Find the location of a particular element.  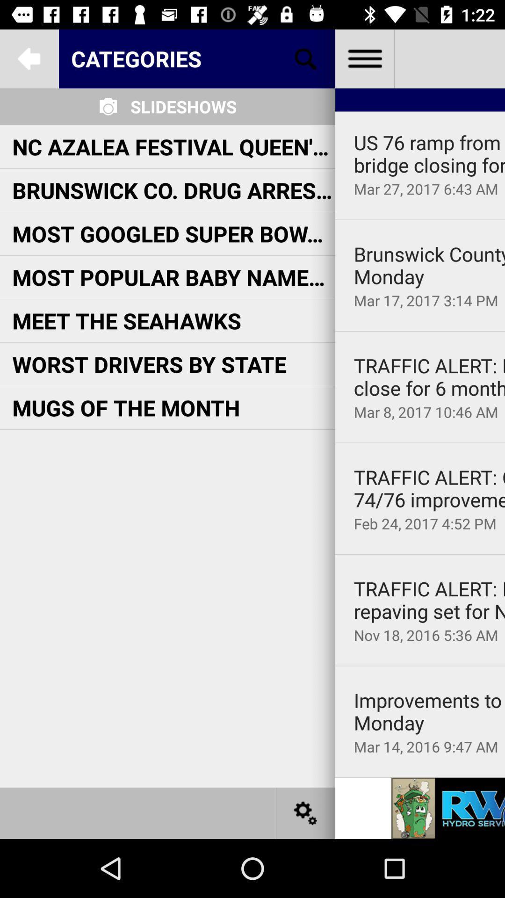

the settings icon is located at coordinates (306, 812).